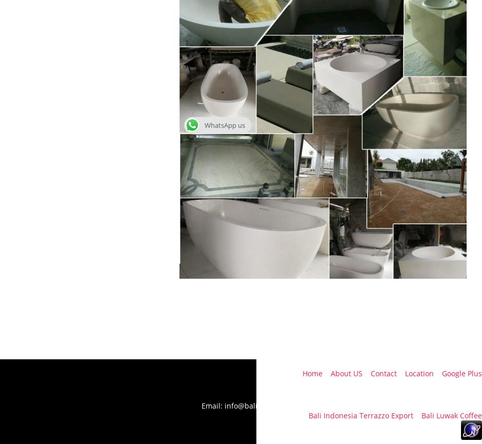 Image resolution: width=482 pixels, height=444 pixels. What do you see at coordinates (383, 373) in the screenshot?
I see `'Contact'` at bounding box center [383, 373].